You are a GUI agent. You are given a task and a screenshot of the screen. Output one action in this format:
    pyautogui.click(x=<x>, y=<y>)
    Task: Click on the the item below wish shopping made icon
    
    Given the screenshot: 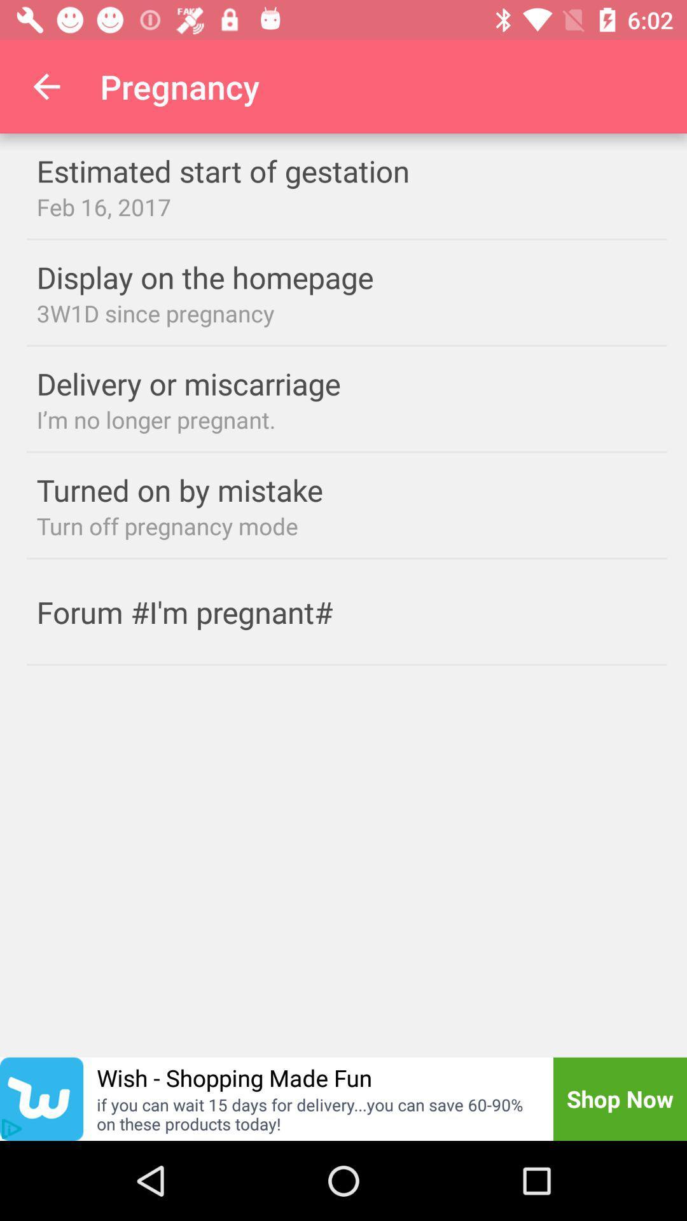 What is the action you would take?
    pyautogui.click(x=316, y=1114)
    